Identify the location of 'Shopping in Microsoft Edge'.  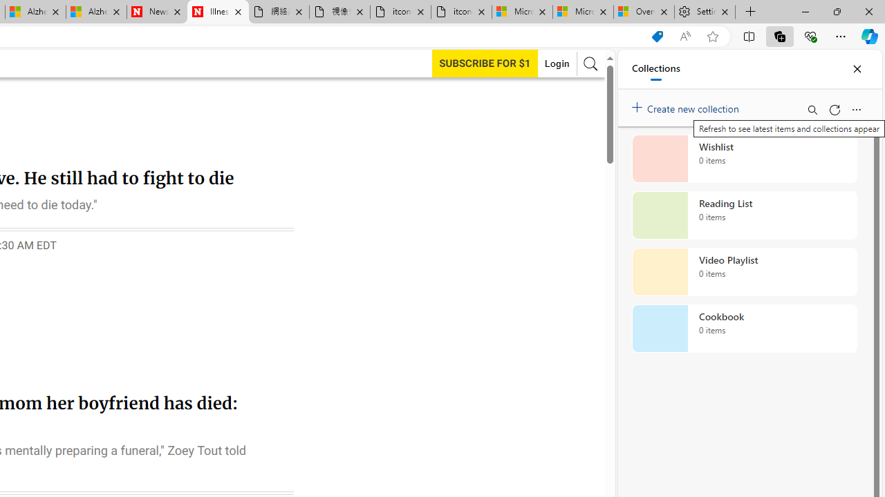
(657, 36).